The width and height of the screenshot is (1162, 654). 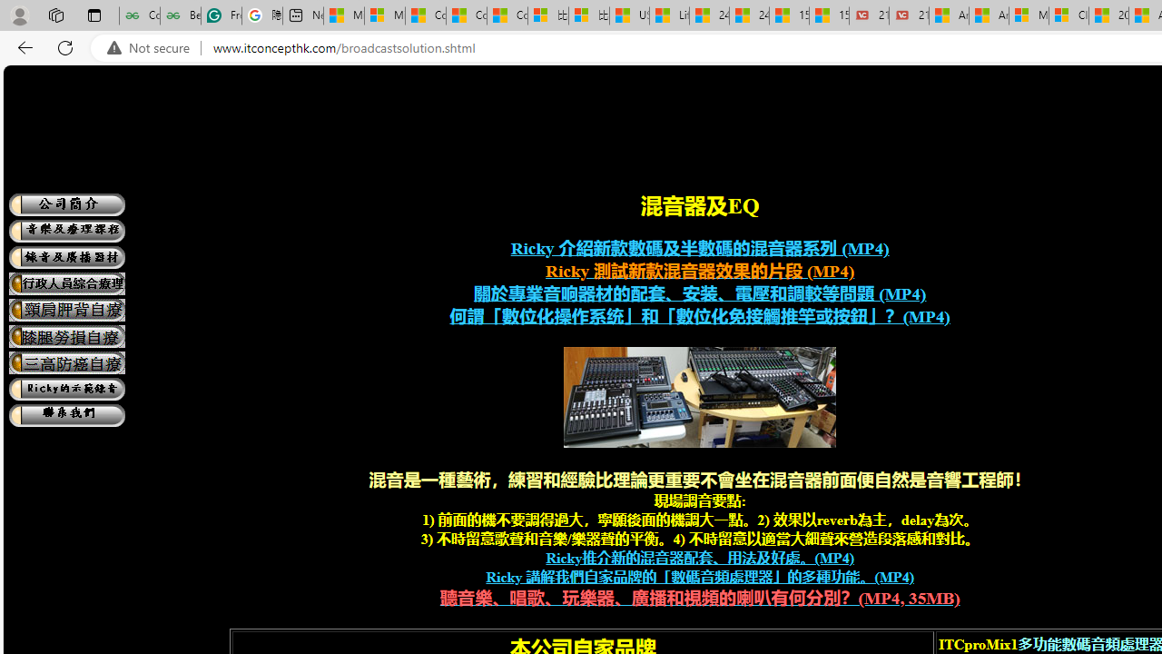 I want to click on 'Complete Guide to Arrays Data Structure - GeeksforGeeks', so click(x=139, y=15).